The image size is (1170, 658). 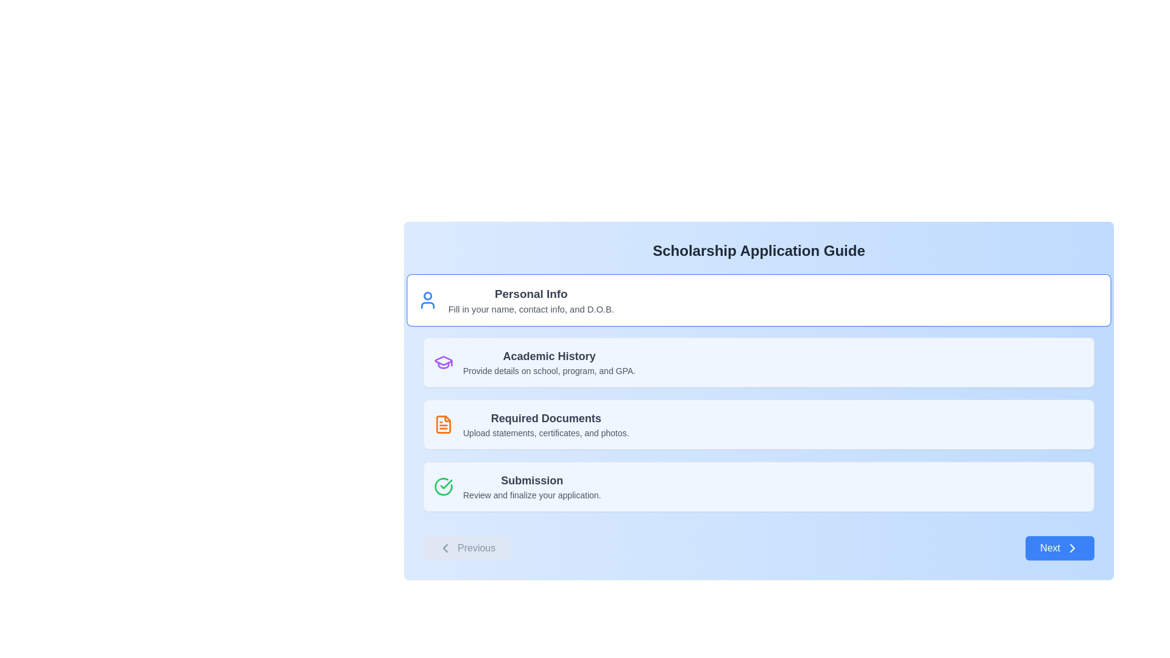 What do you see at coordinates (444, 547) in the screenshot?
I see `the left-pointing chevron icon located at the bottom-left corner of the interface, above the 'Previous' button` at bounding box center [444, 547].